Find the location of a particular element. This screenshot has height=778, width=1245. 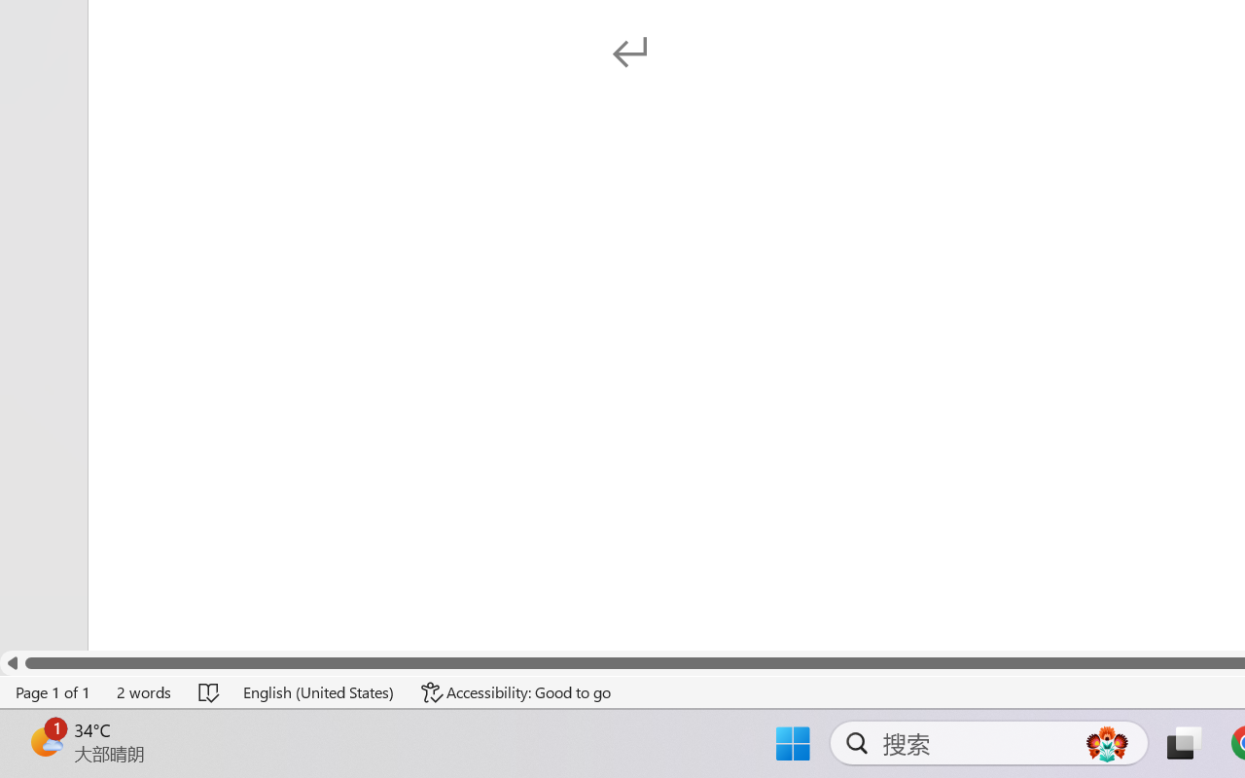

'Spelling and Grammar Check No Errors' is located at coordinates (210, 691).